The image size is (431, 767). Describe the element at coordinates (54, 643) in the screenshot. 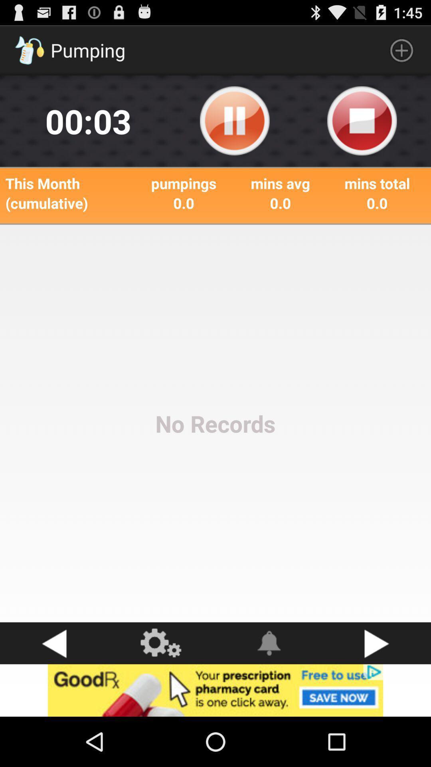

I see `previous arrow` at that location.